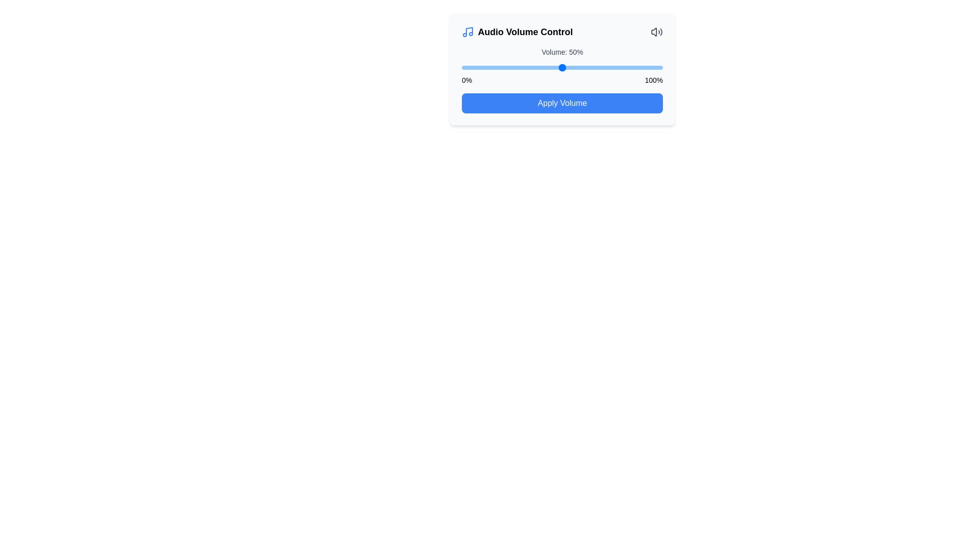 Image resolution: width=965 pixels, height=542 pixels. I want to click on the volume, so click(552, 68).